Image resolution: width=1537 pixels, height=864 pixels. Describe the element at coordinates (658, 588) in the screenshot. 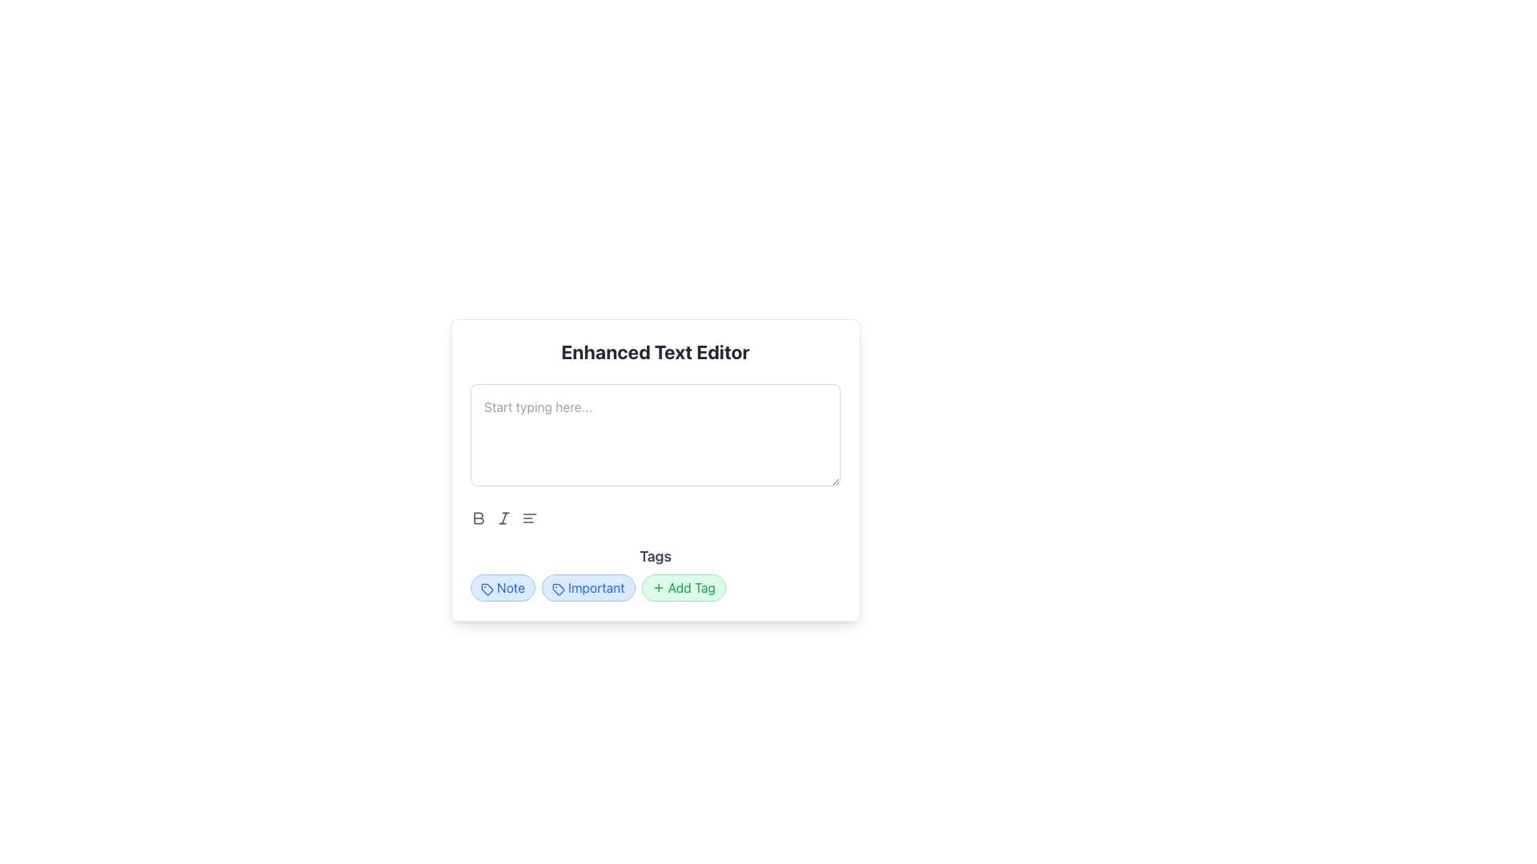

I see `the icon representing the 'Add Tag' function located inside the 'Add Tag' button at the bottom right section of the interface` at that location.